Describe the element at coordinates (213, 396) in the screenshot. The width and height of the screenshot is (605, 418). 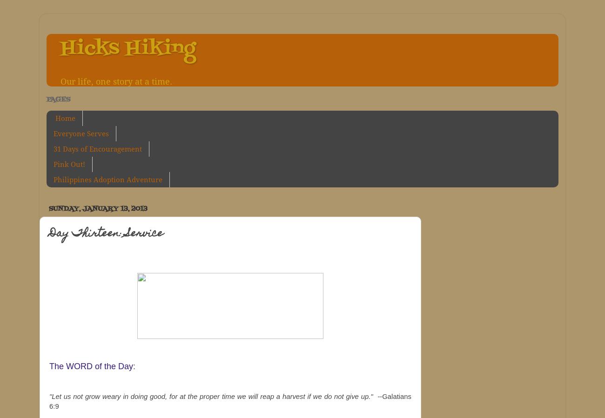
I see `'"Let us not grow weary in doing good, for at the proper time we
will reap a harvest if we do not give up."'` at that location.